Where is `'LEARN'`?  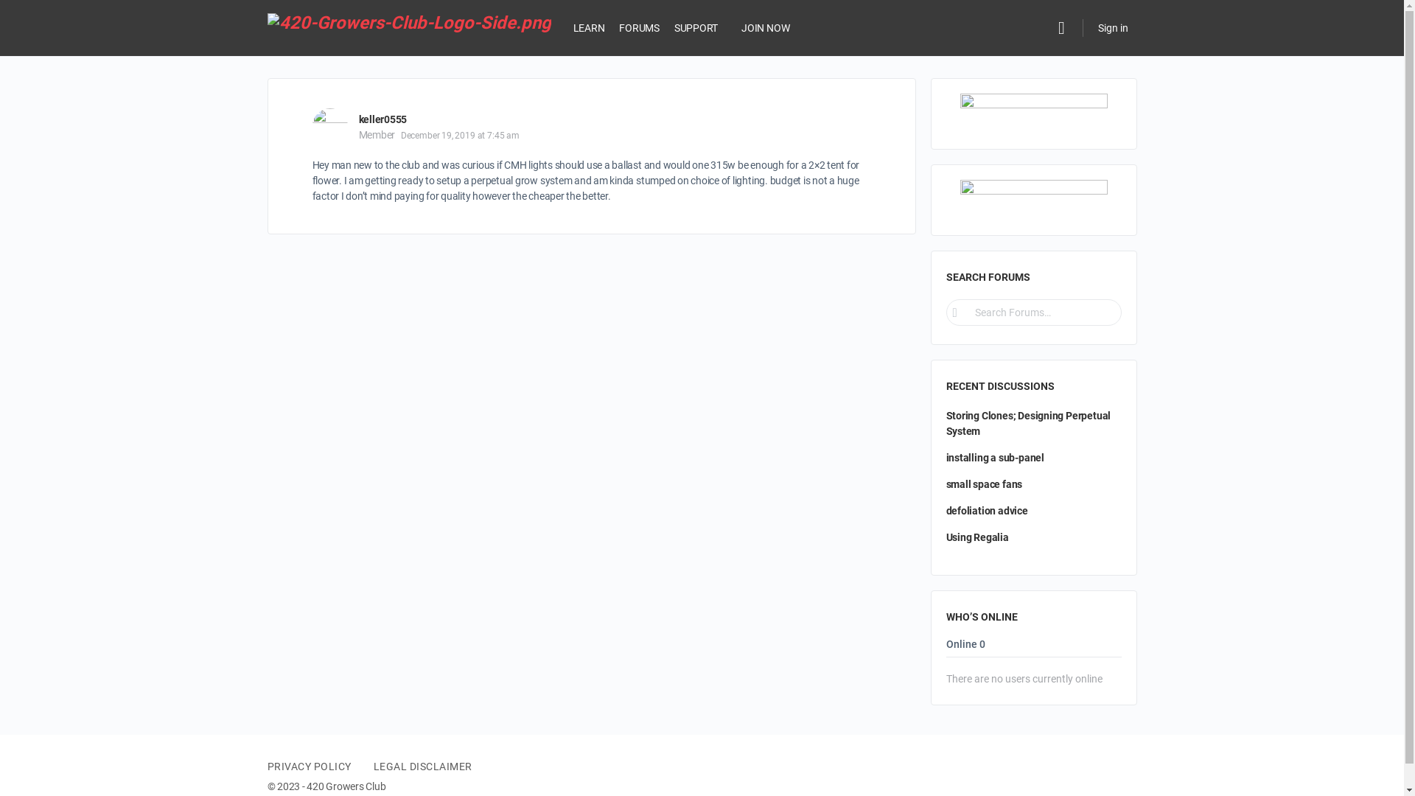 'LEARN' is located at coordinates (588, 28).